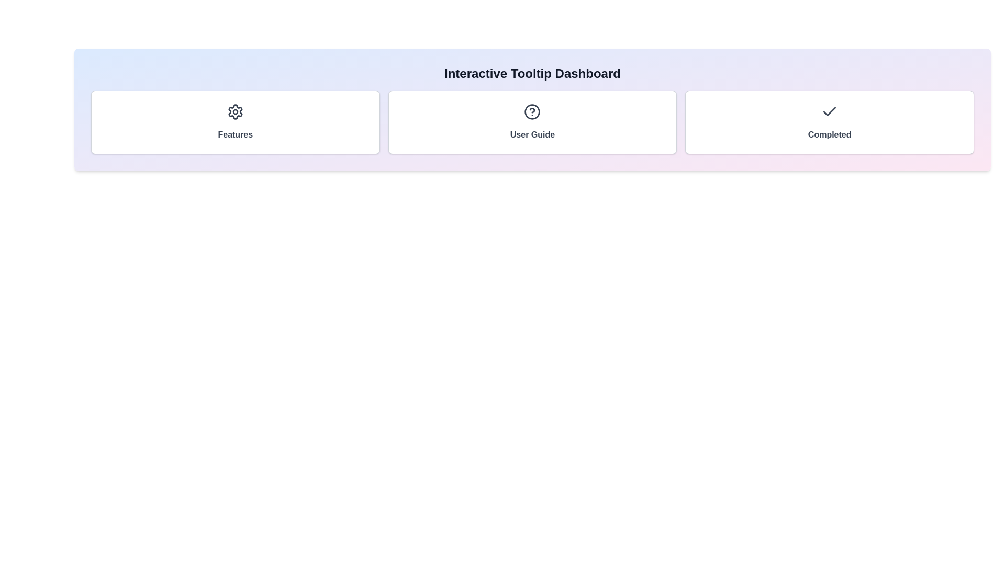  I want to click on the 'User Guide' static text element located in the center card of the three card layout to read its text, so click(532, 134).